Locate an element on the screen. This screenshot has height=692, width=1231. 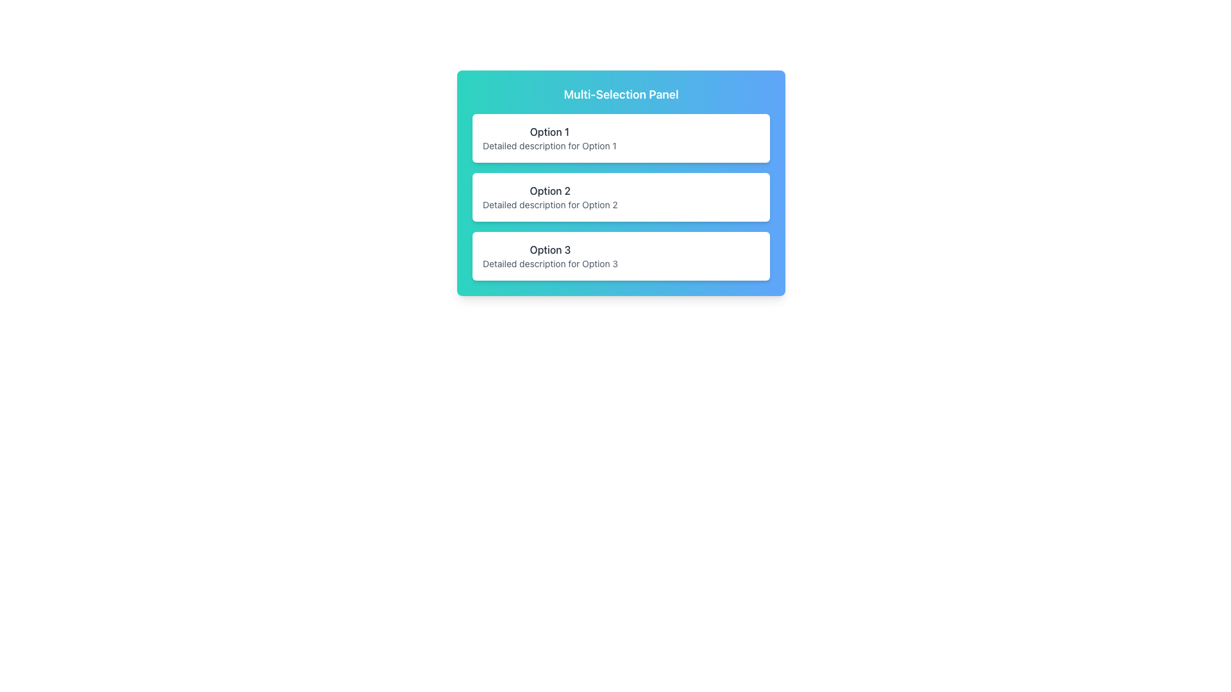
the text label at the top of the first selectable option in the 'Multi-Selection Panel' is located at coordinates (549, 131).